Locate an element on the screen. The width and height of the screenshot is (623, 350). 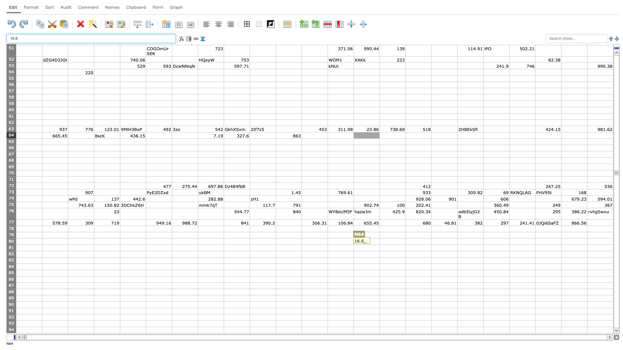
top left corner of R80 is located at coordinates (457, 238).